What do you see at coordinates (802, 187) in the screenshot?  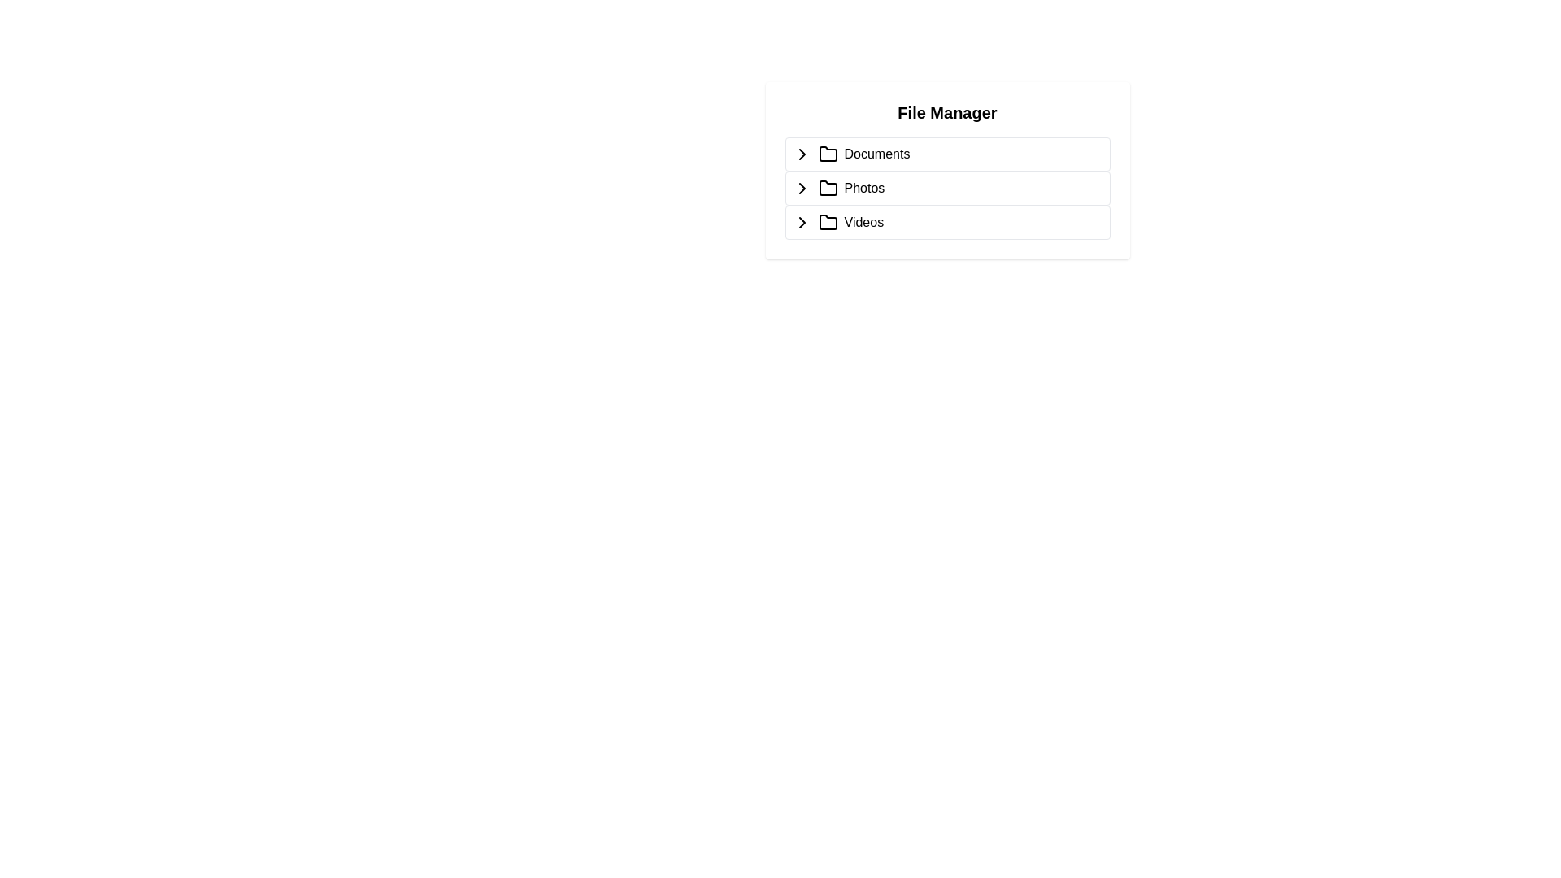 I see `the small black arrow icon located next to the 'Photos' folder in the second row of the file manager` at bounding box center [802, 187].